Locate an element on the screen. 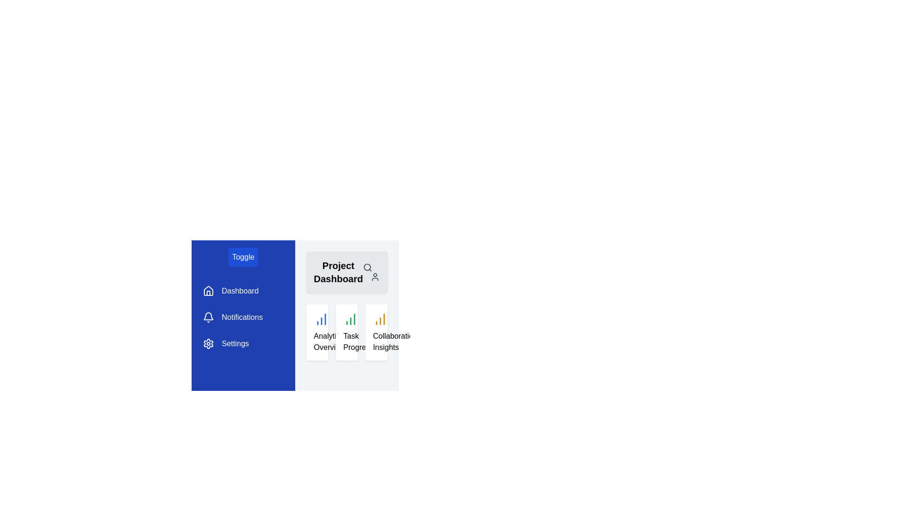  the notifications button in the vertical sidebar menu is located at coordinates (233, 317).